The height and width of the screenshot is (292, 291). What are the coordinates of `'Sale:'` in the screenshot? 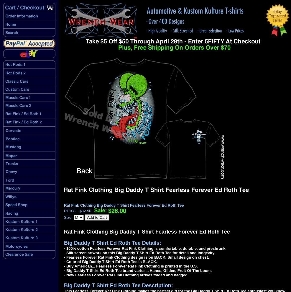 It's located at (100, 210).